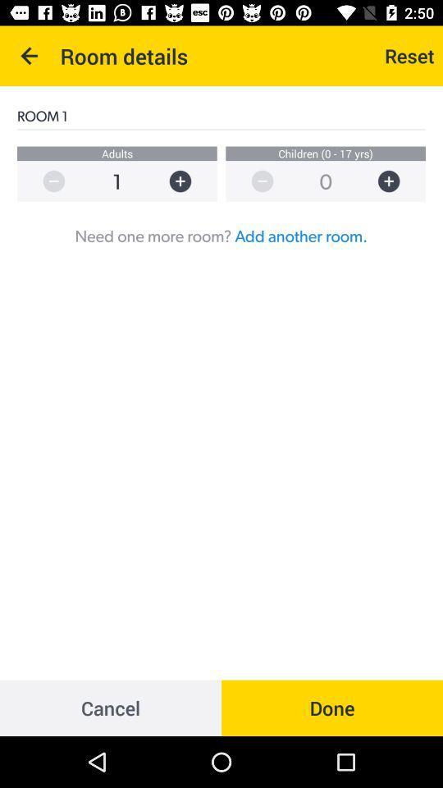 The width and height of the screenshot is (443, 788). I want to click on children to room order, so click(396, 181).